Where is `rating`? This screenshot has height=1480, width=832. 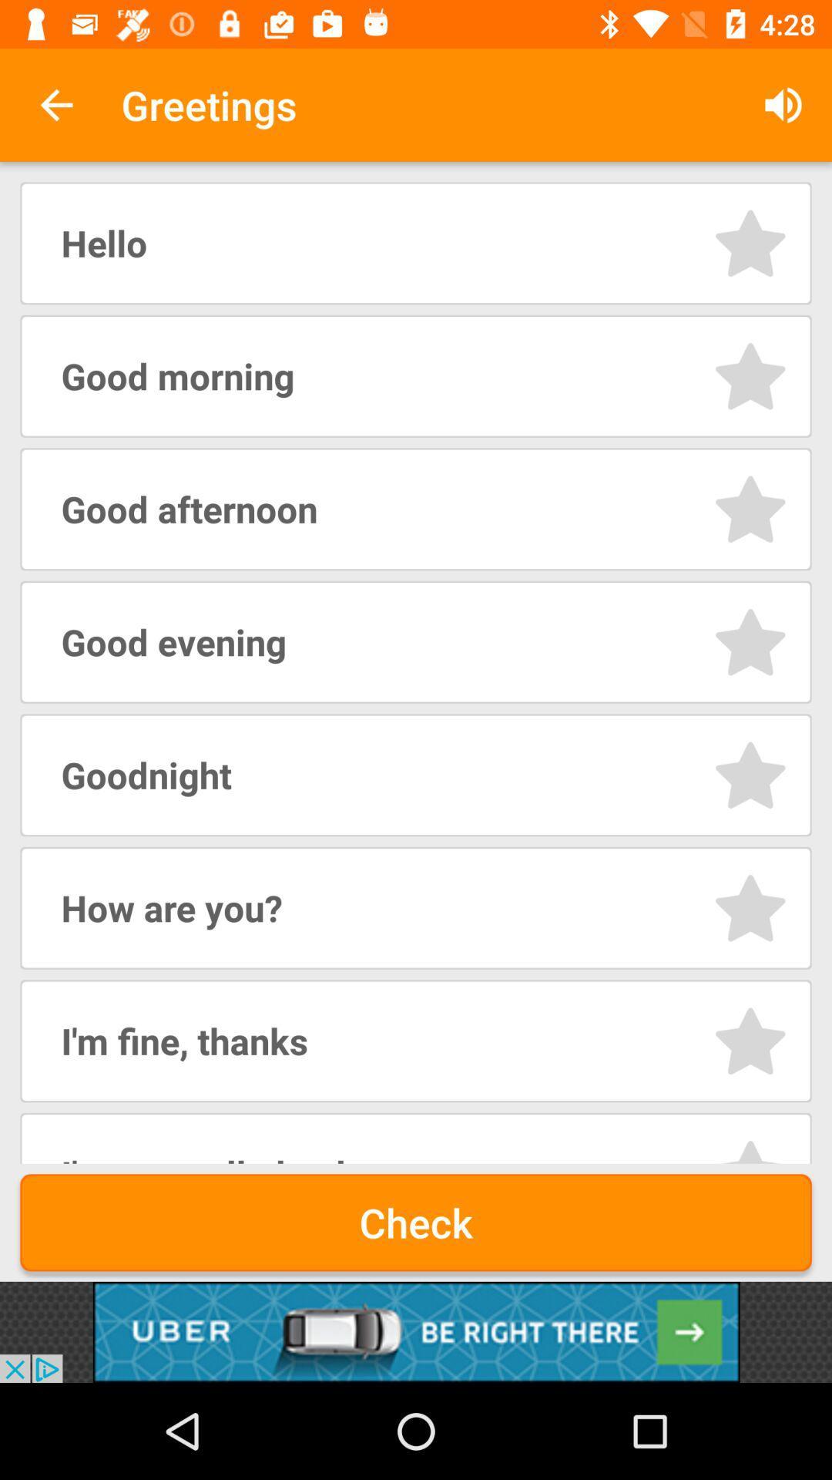
rating is located at coordinates (750, 1150).